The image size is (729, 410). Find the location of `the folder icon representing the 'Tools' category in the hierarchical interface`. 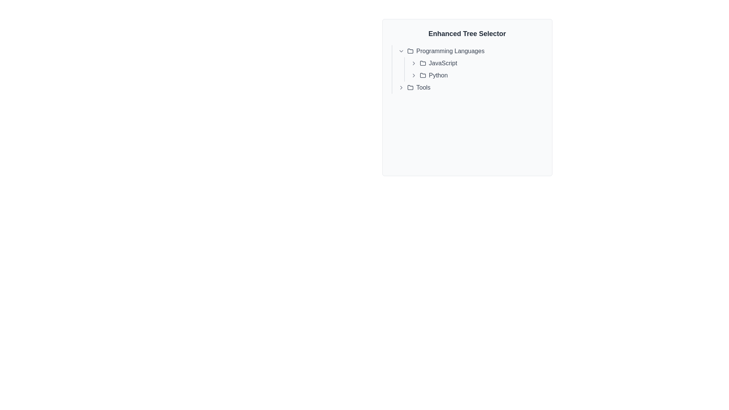

the folder icon representing the 'Tools' category in the hierarchical interface is located at coordinates (410, 87).